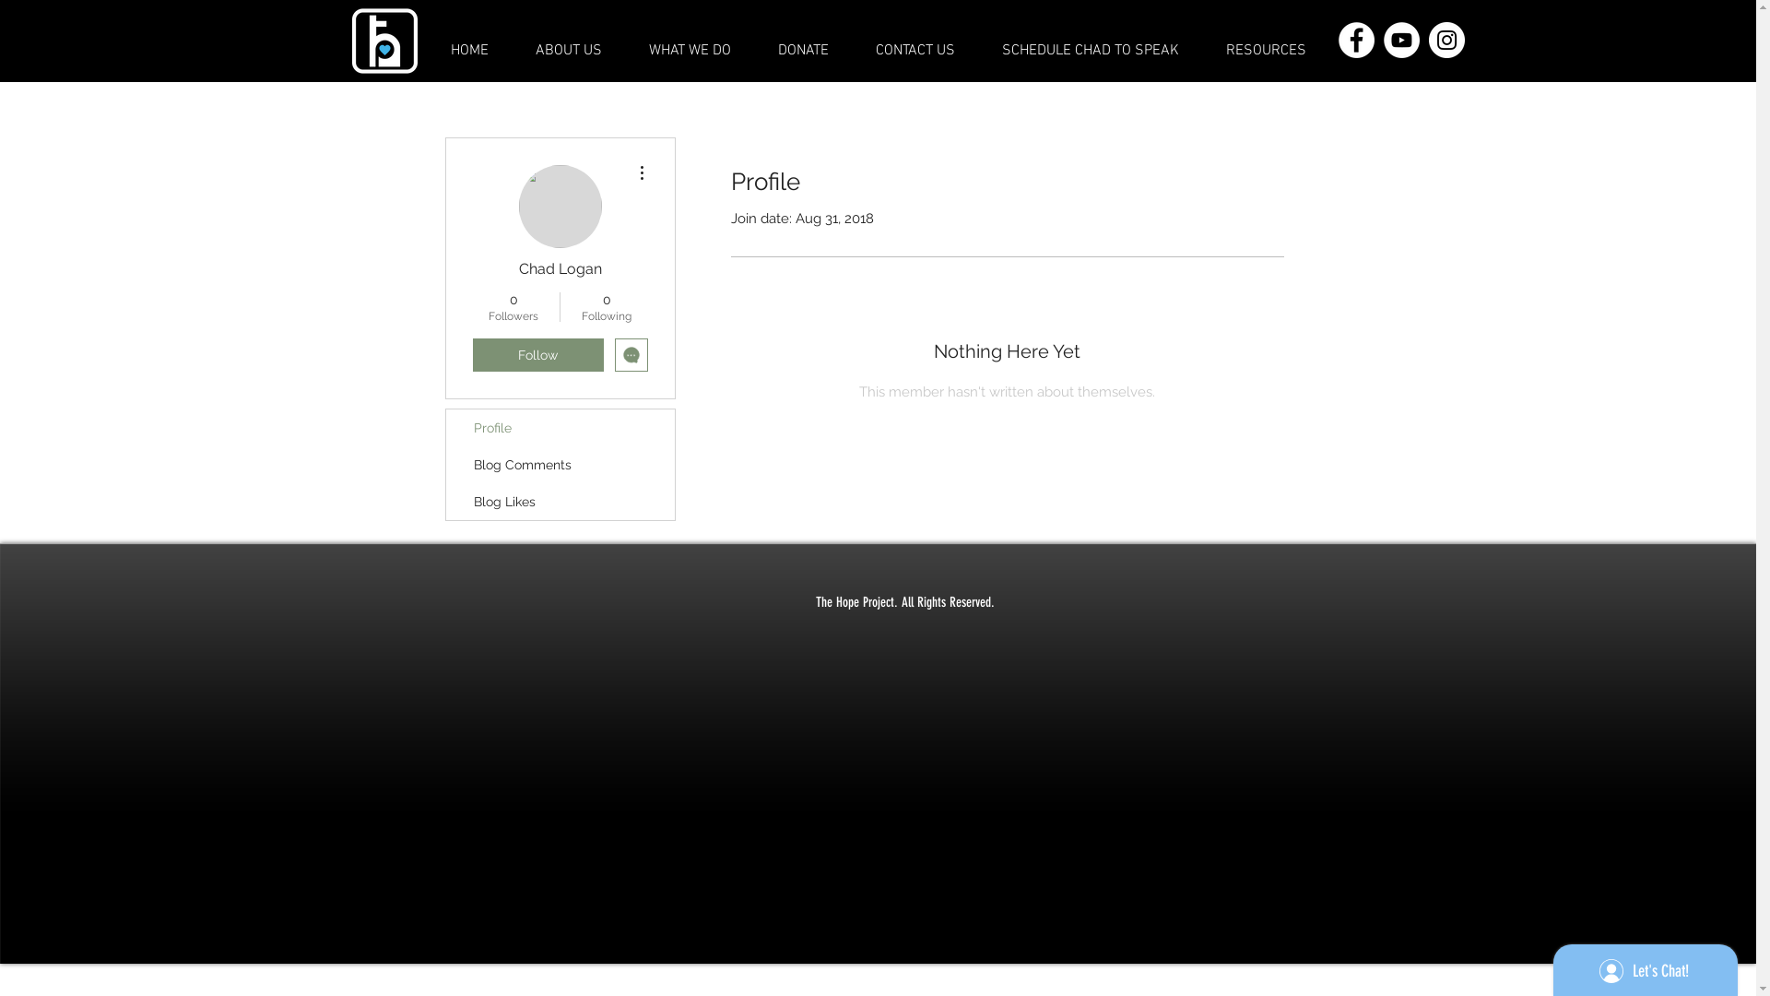 The width and height of the screenshot is (1770, 996). I want to click on 'Blog Likes', so click(560, 501).